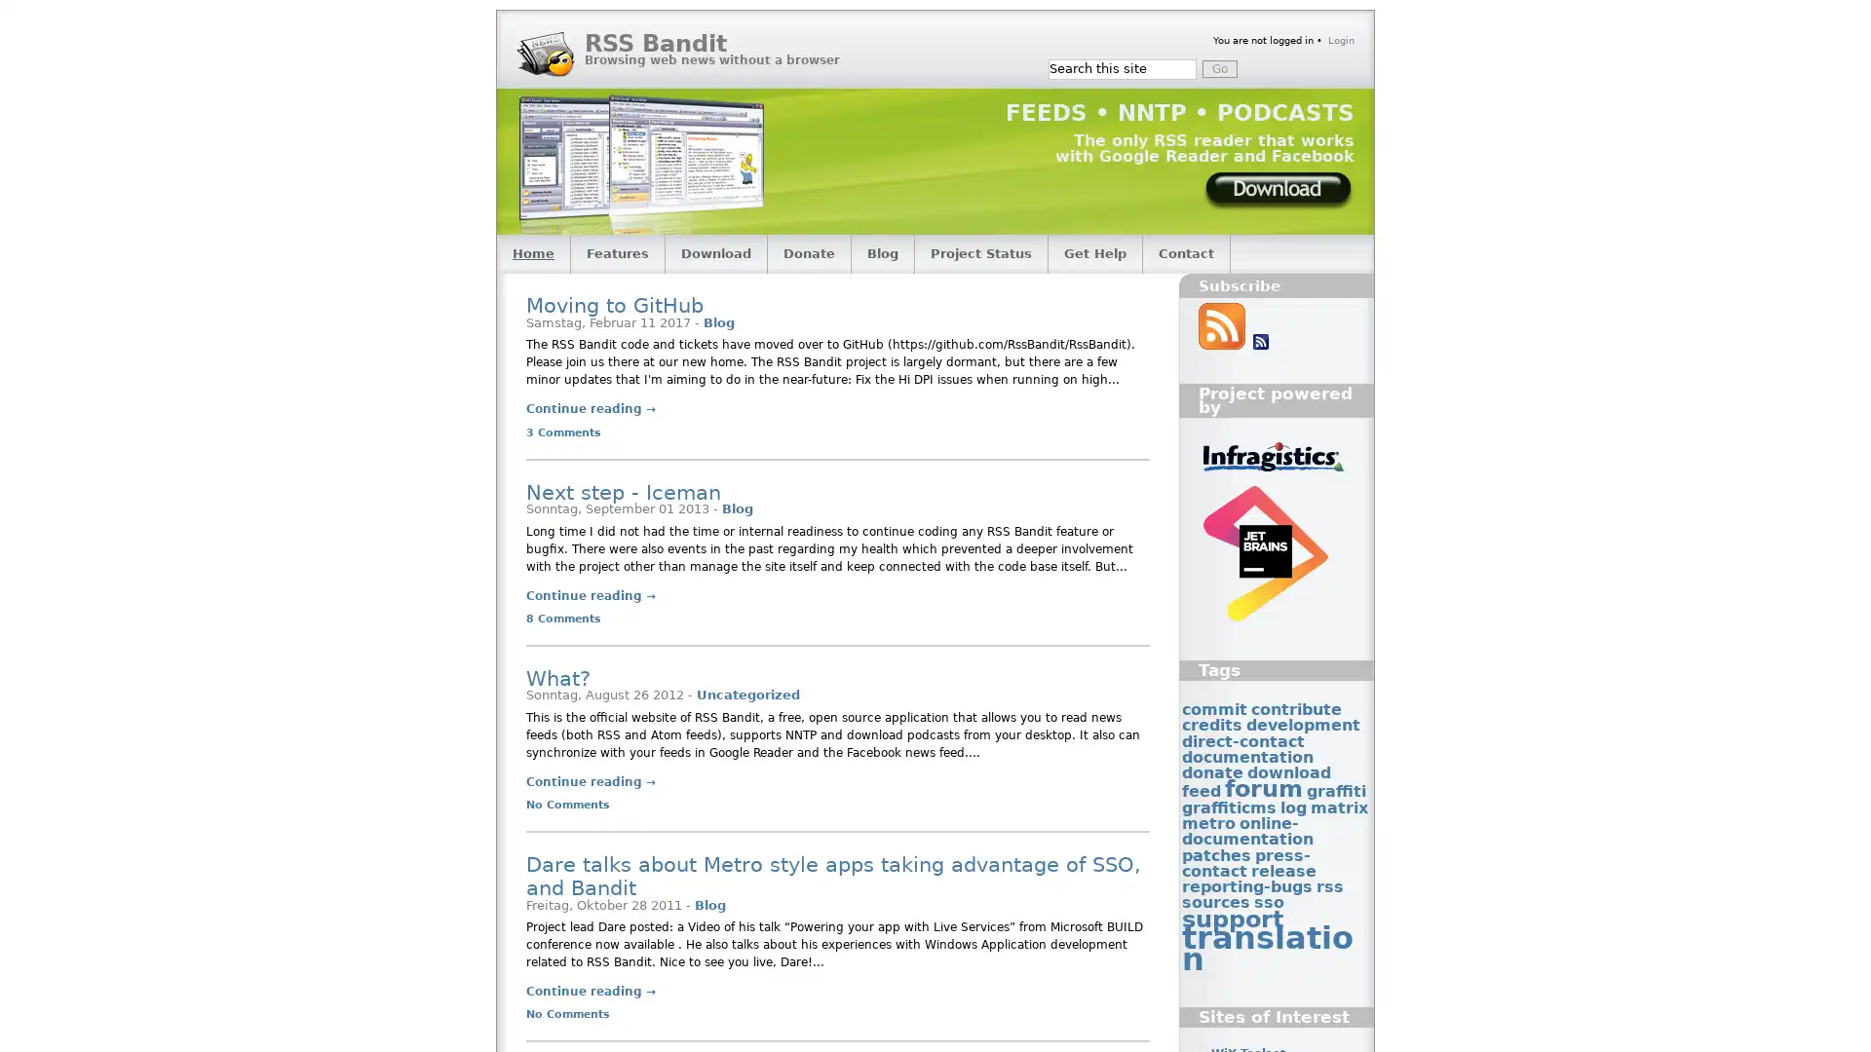 The width and height of the screenshot is (1871, 1052). What do you see at coordinates (1219, 67) in the screenshot?
I see `Go` at bounding box center [1219, 67].